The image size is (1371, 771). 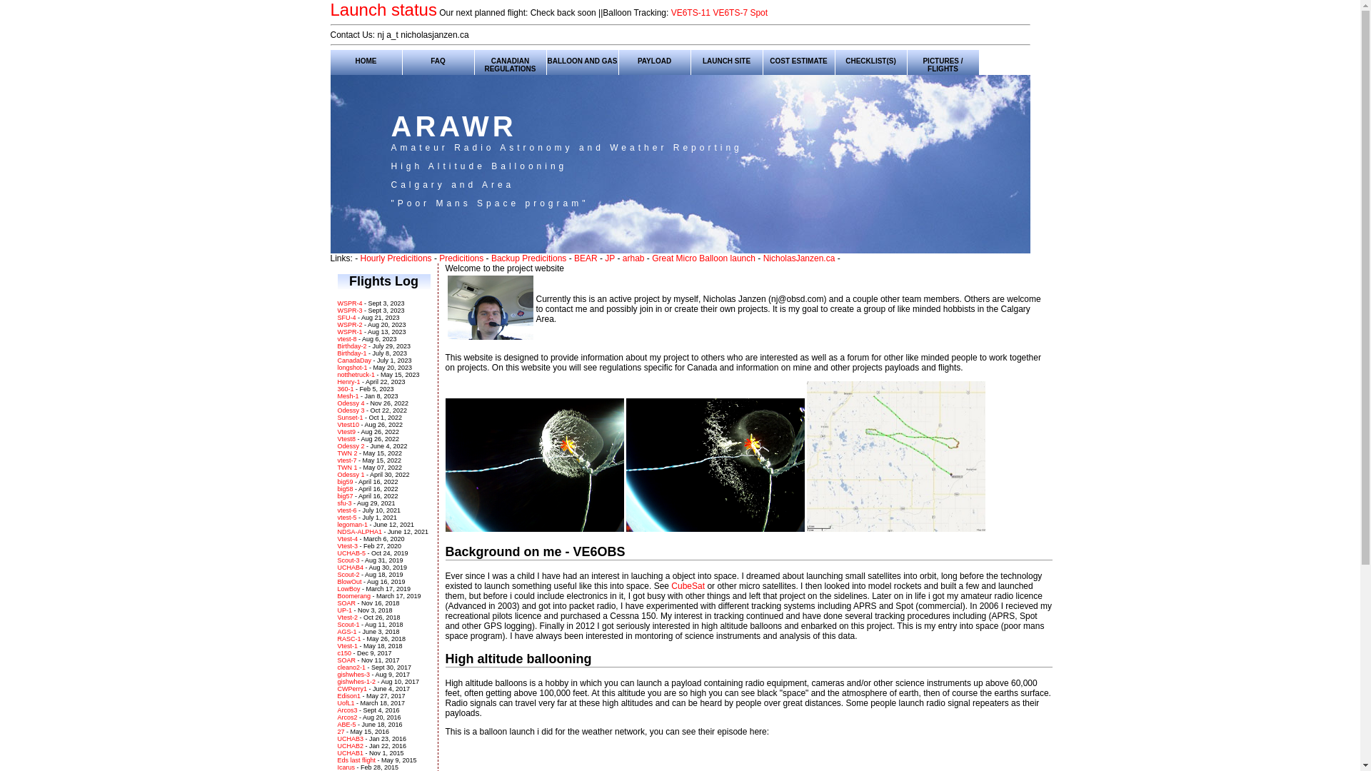 I want to click on 'UCHAB4', so click(x=350, y=566).